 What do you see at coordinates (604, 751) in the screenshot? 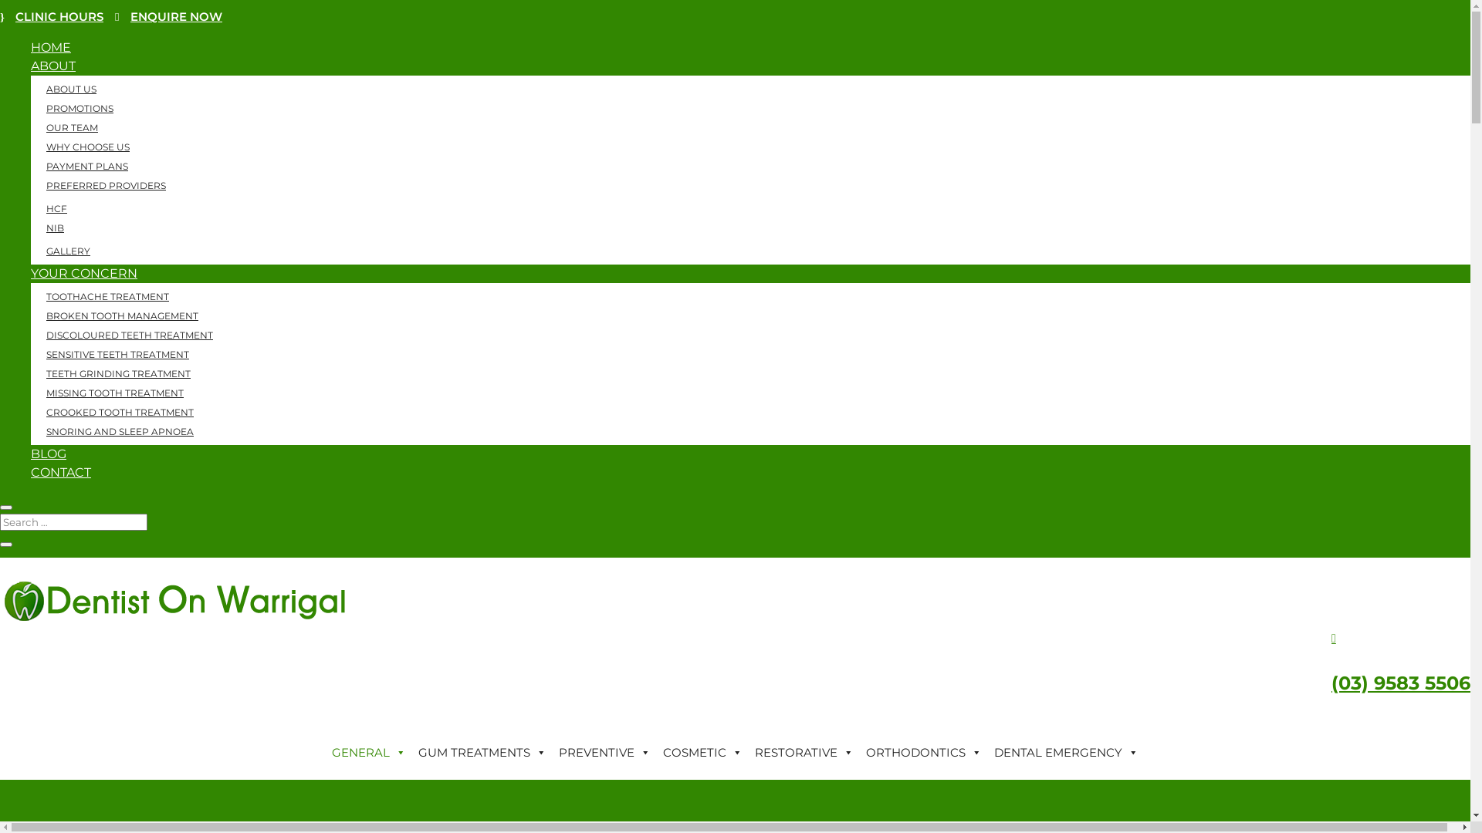
I see `'PREVENTIVE'` at bounding box center [604, 751].